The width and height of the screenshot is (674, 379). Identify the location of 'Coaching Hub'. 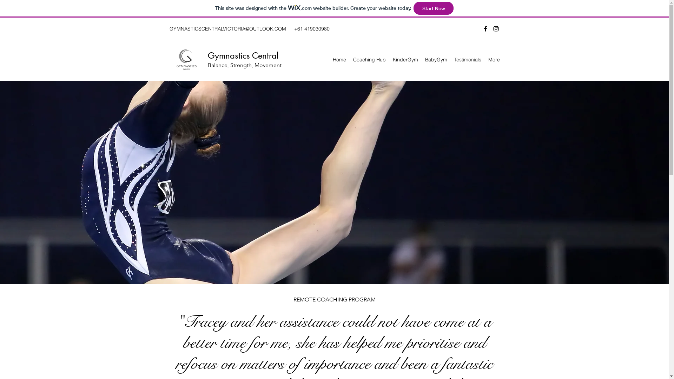
(369, 59).